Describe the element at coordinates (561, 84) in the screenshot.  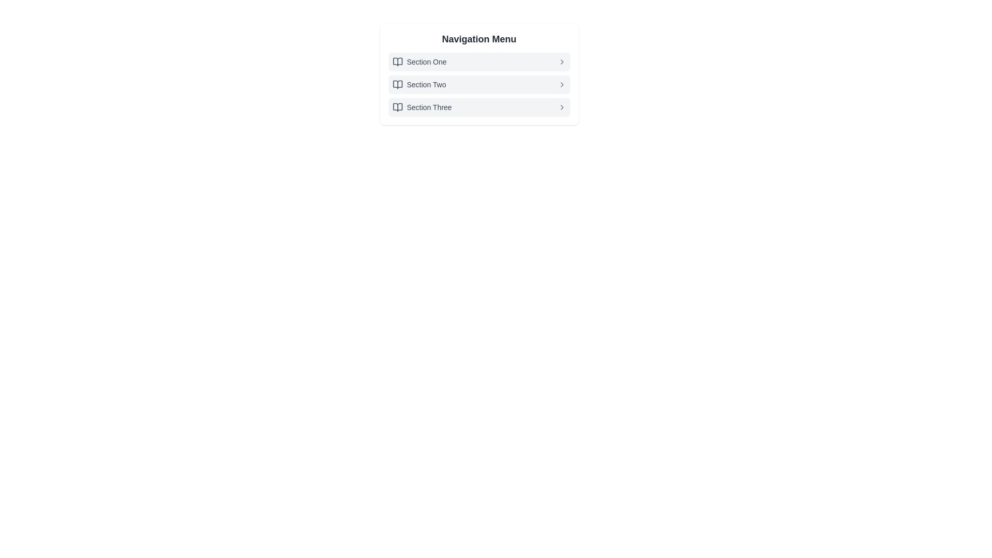
I see `the small gray chevron icon pointing to the right, located at the end of the 'Section Two' menu item in the navigation menu` at that location.